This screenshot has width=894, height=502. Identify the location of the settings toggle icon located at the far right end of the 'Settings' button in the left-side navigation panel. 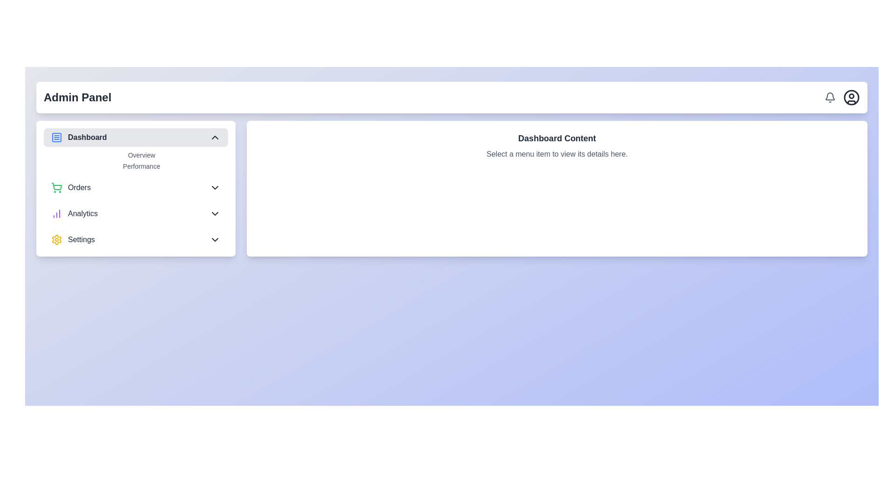
(215, 239).